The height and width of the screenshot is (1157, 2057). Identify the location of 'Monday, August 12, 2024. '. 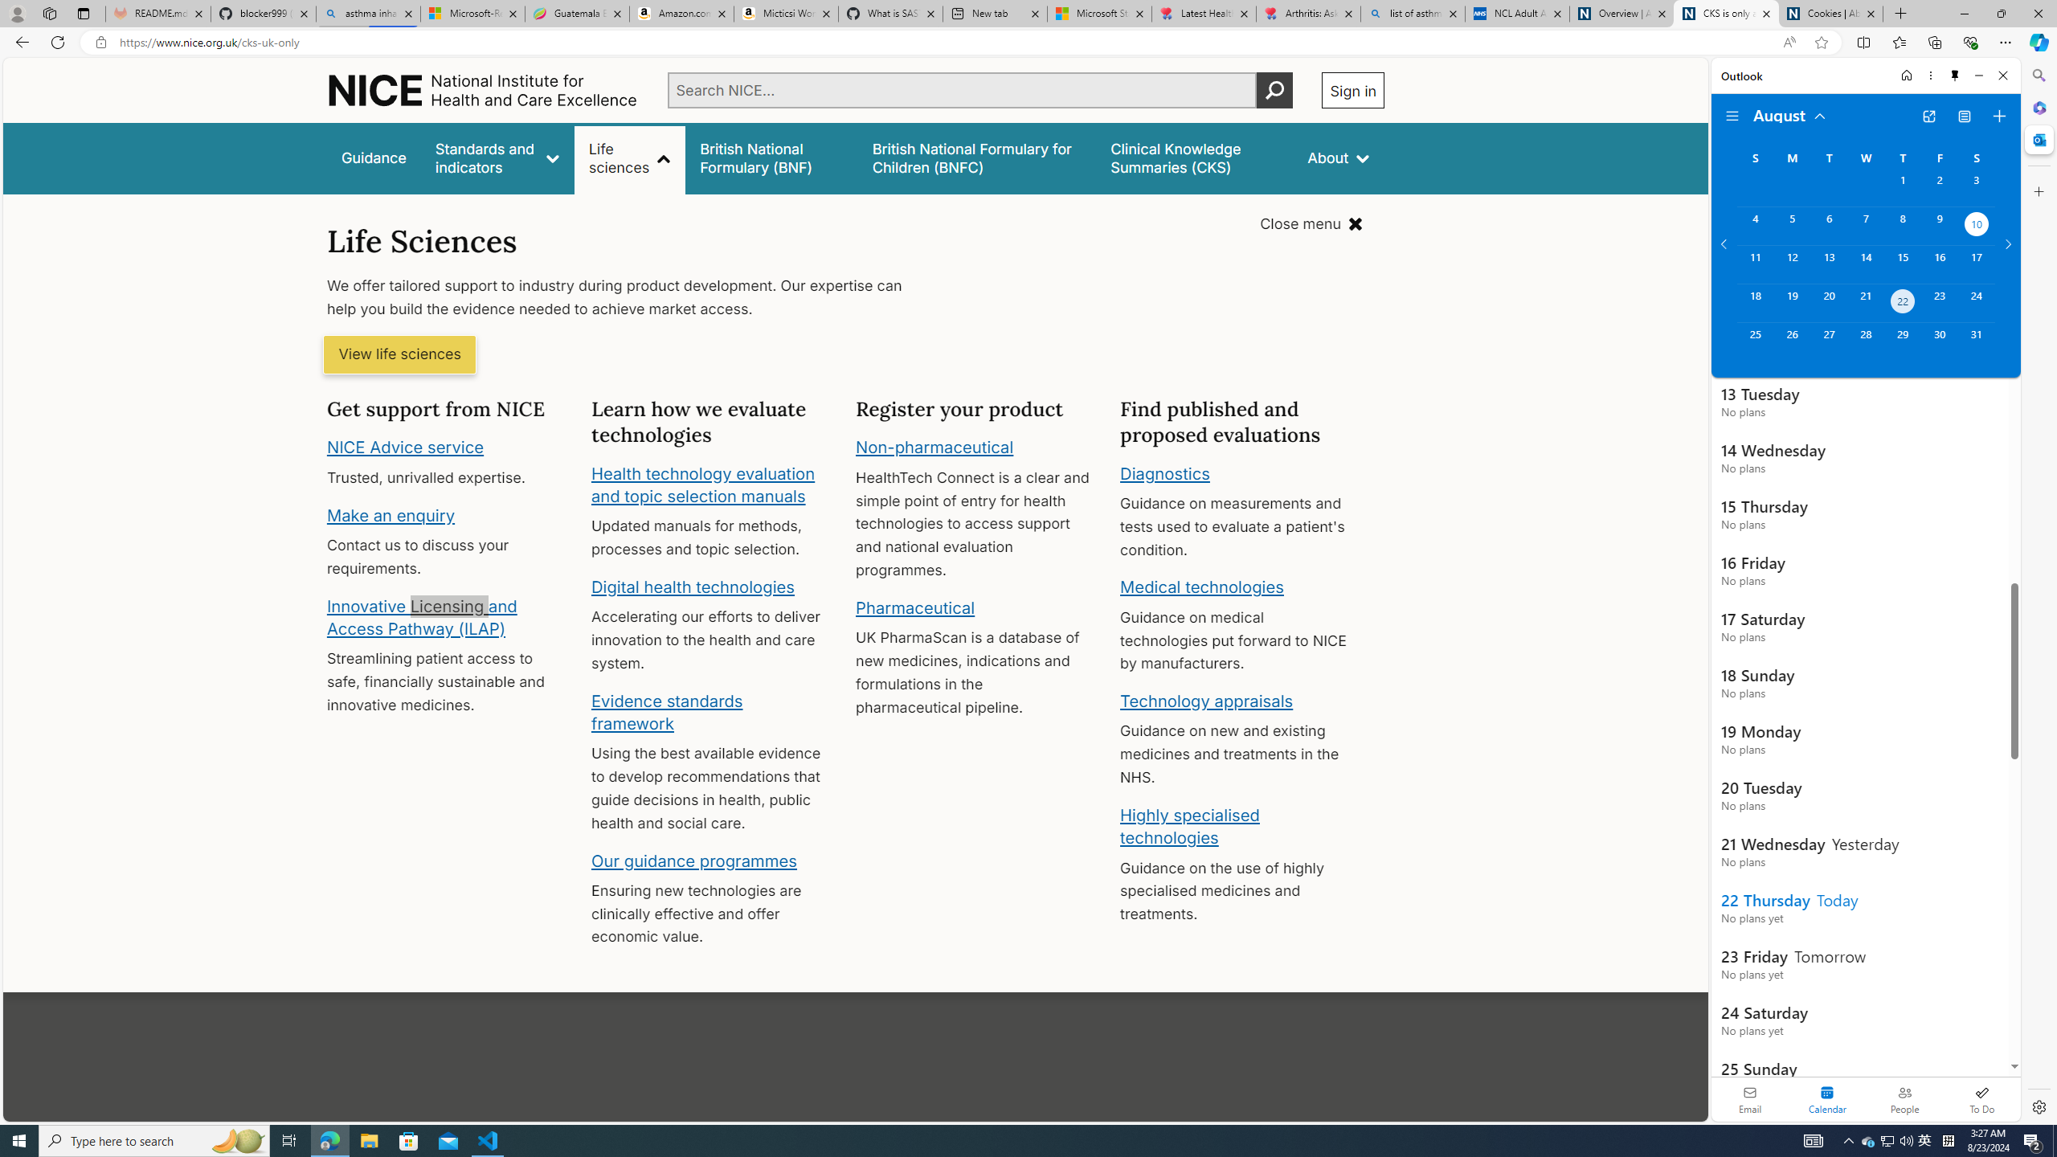
(1791, 264).